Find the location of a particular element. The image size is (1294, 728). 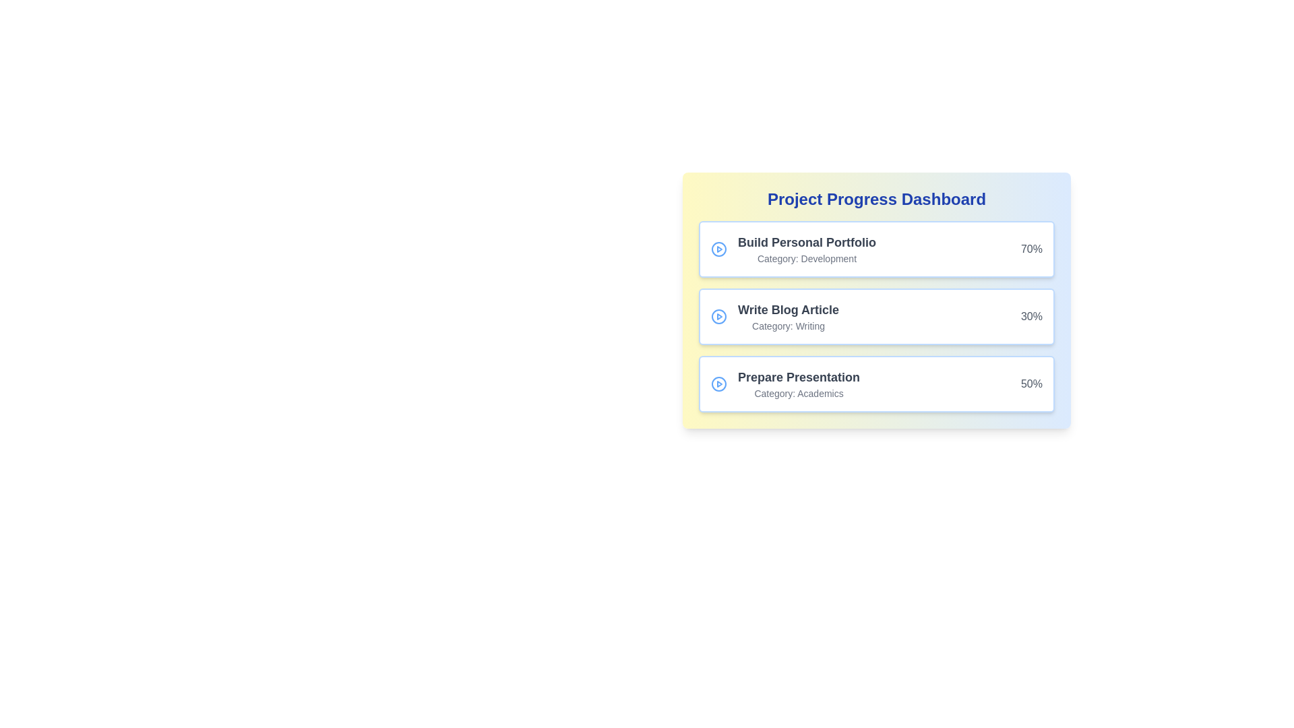

the second list item displaying the task title 'Write Blog Article' and category 'Writing' to interact with the task details is located at coordinates (775, 317).